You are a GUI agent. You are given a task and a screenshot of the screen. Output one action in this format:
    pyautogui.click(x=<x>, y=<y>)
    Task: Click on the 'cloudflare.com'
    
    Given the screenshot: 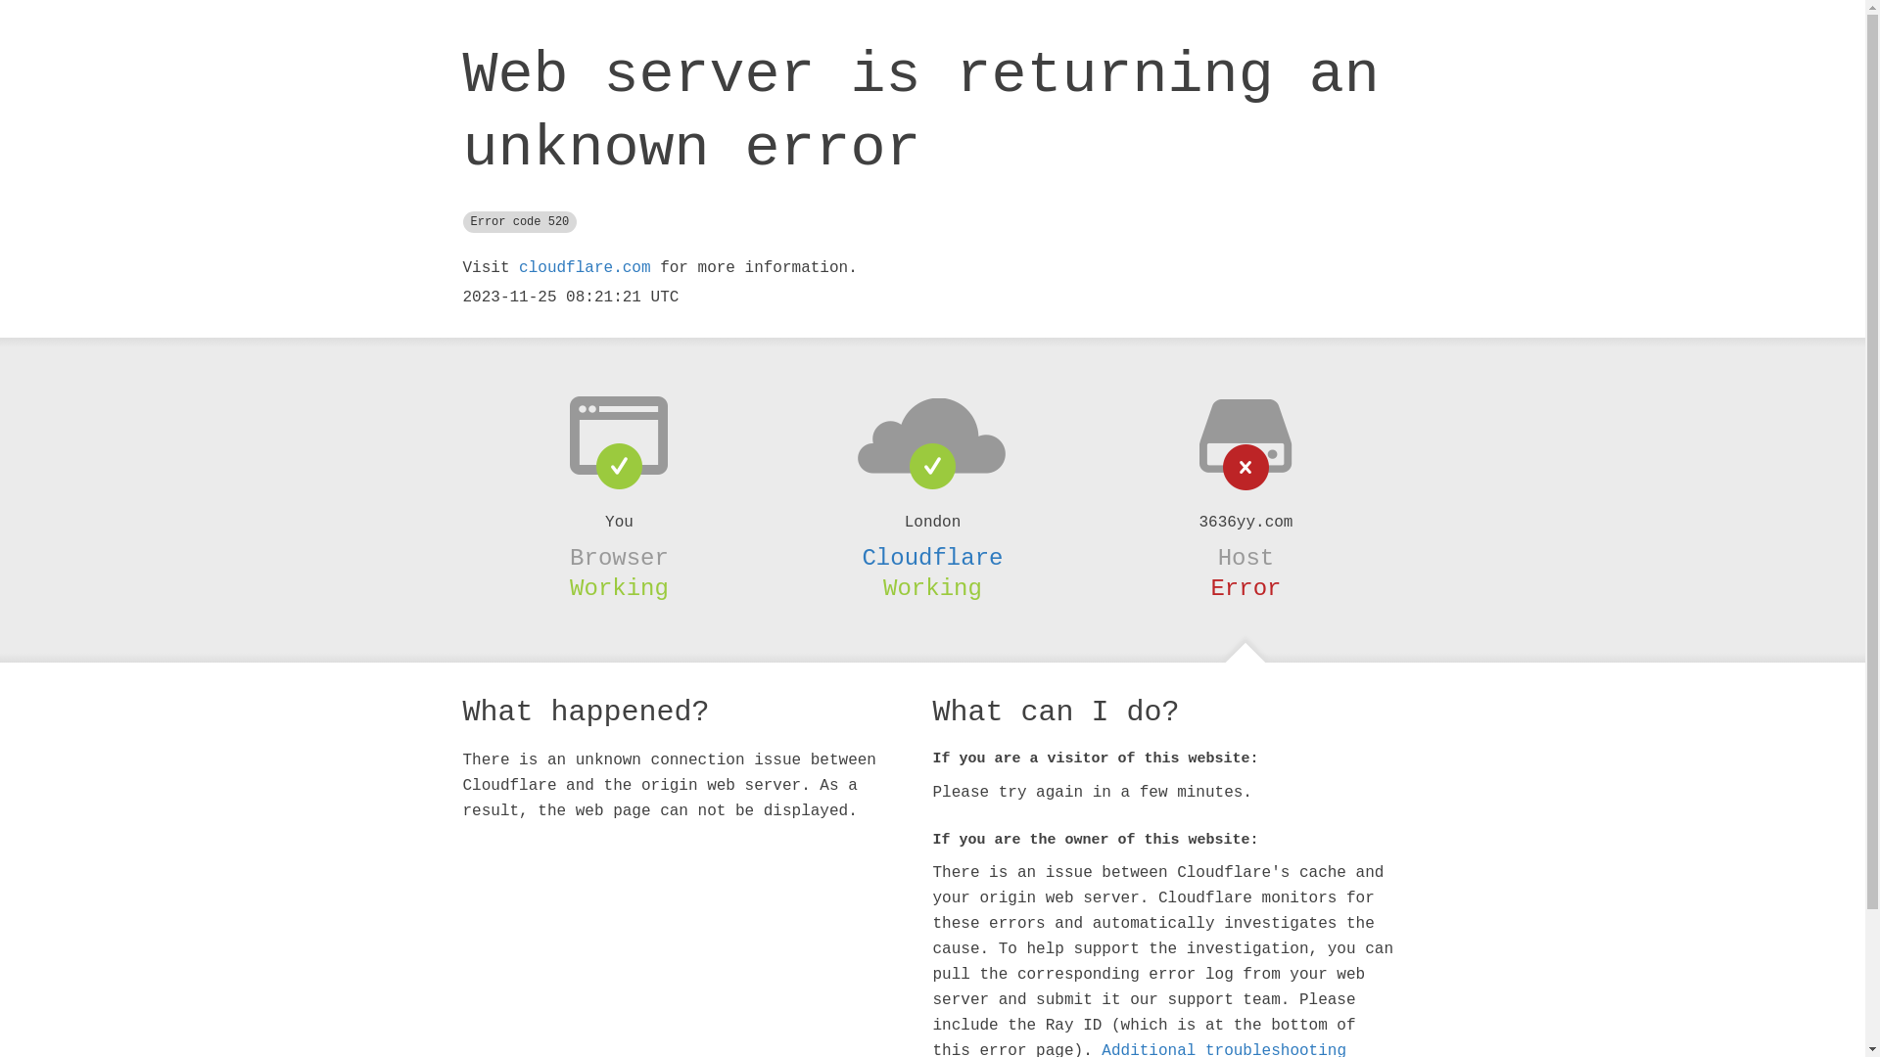 What is the action you would take?
    pyautogui.click(x=583, y=267)
    